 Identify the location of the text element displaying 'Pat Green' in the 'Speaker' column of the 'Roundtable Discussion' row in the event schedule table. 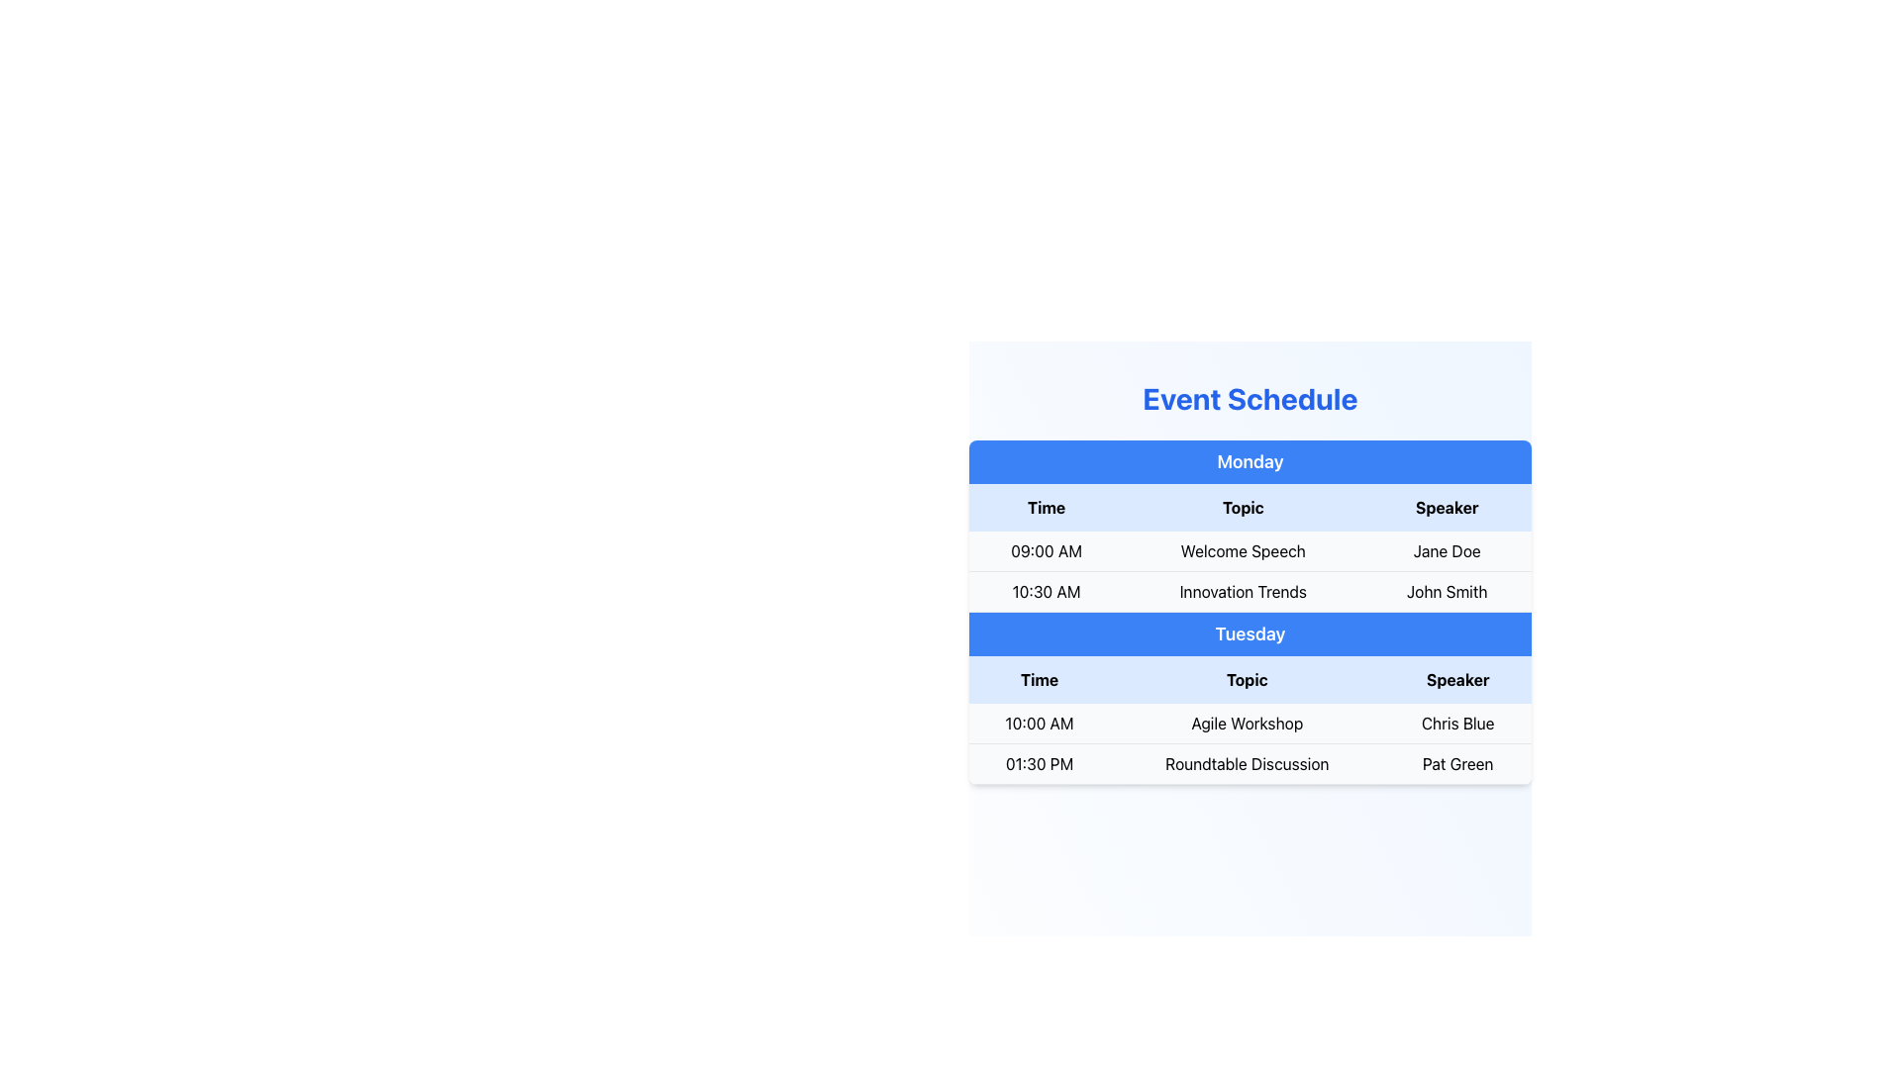
(1457, 762).